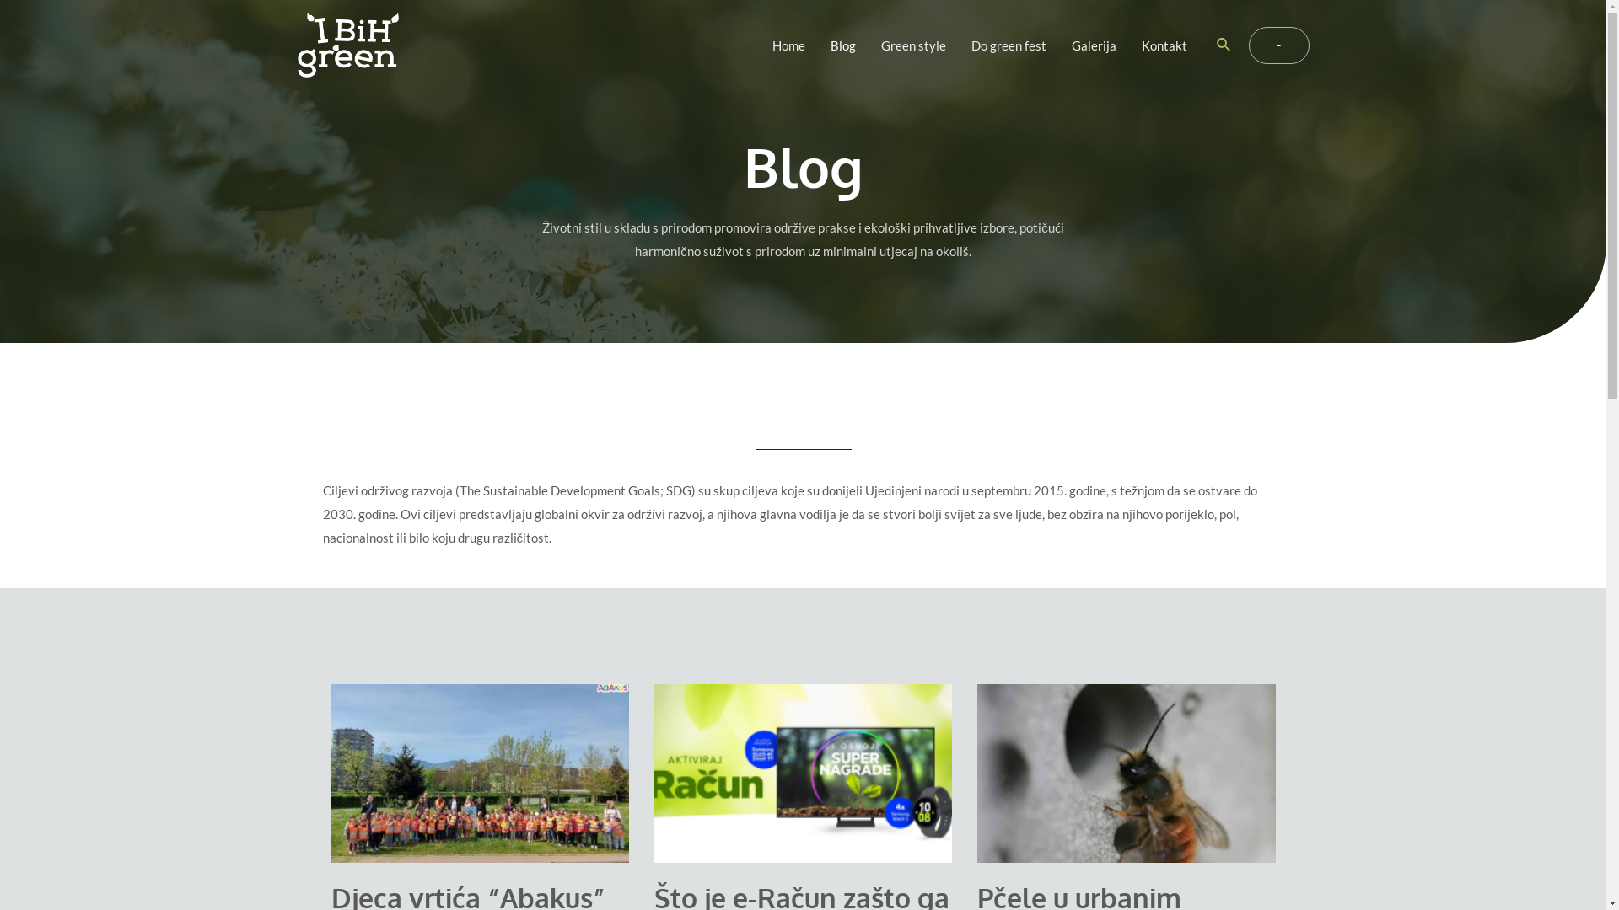 The image size is (1619, 910). What do you see at coordinates (817, 45) in the screenshot?
I see `'Blog'` at bounding box center [817, 45].